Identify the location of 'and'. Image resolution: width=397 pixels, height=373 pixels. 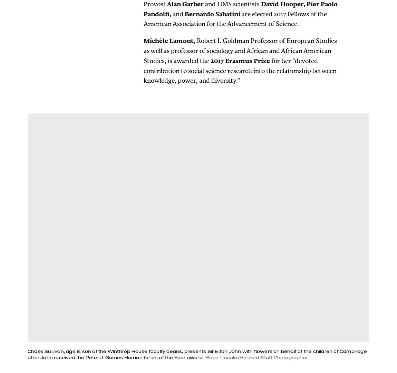
(178, 13).